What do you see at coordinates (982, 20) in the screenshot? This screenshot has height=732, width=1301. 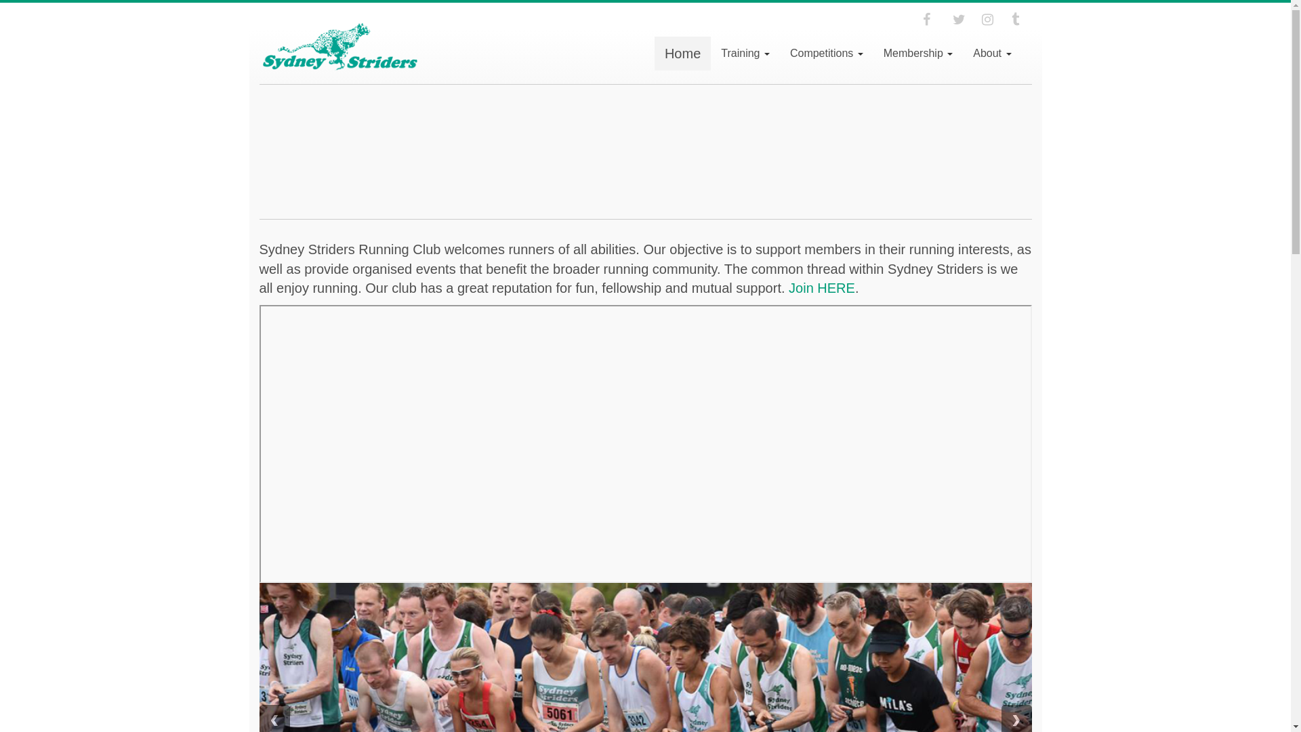 I see `'Sydney Striders Instagram'` at bounding box center [982, 20].